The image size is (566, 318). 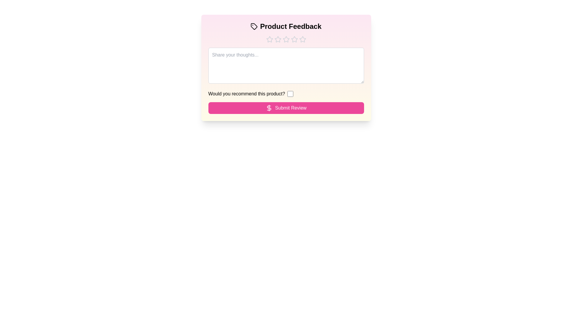 I want to click on the 'Submit Review' button, so click(x=286, y=108).